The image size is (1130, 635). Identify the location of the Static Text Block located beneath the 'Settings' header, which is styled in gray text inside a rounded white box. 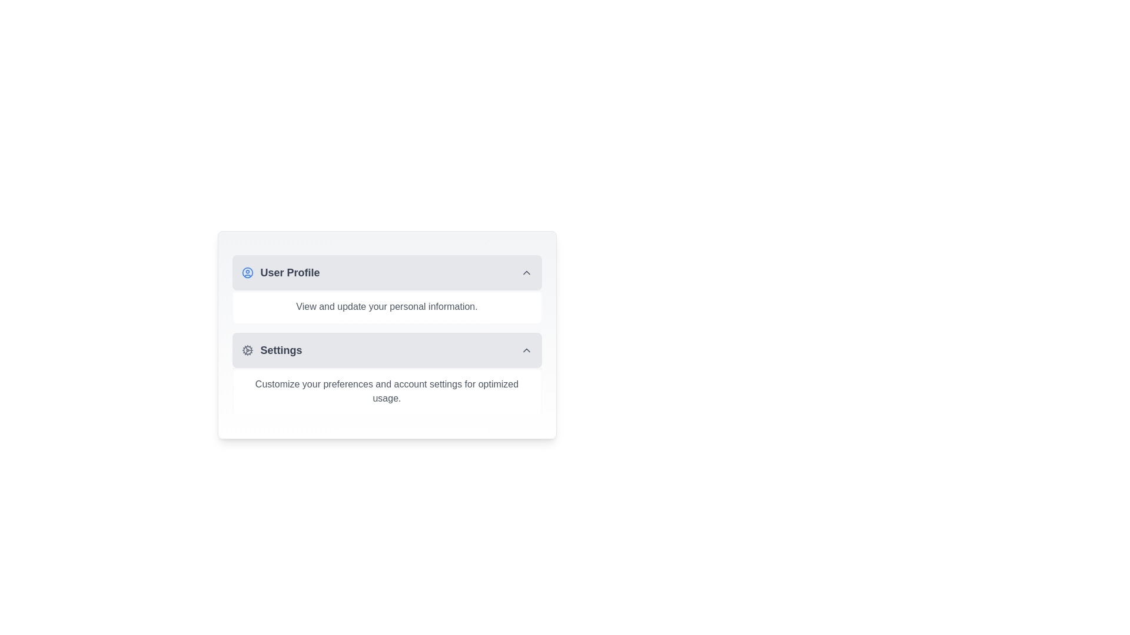
(387, 392).